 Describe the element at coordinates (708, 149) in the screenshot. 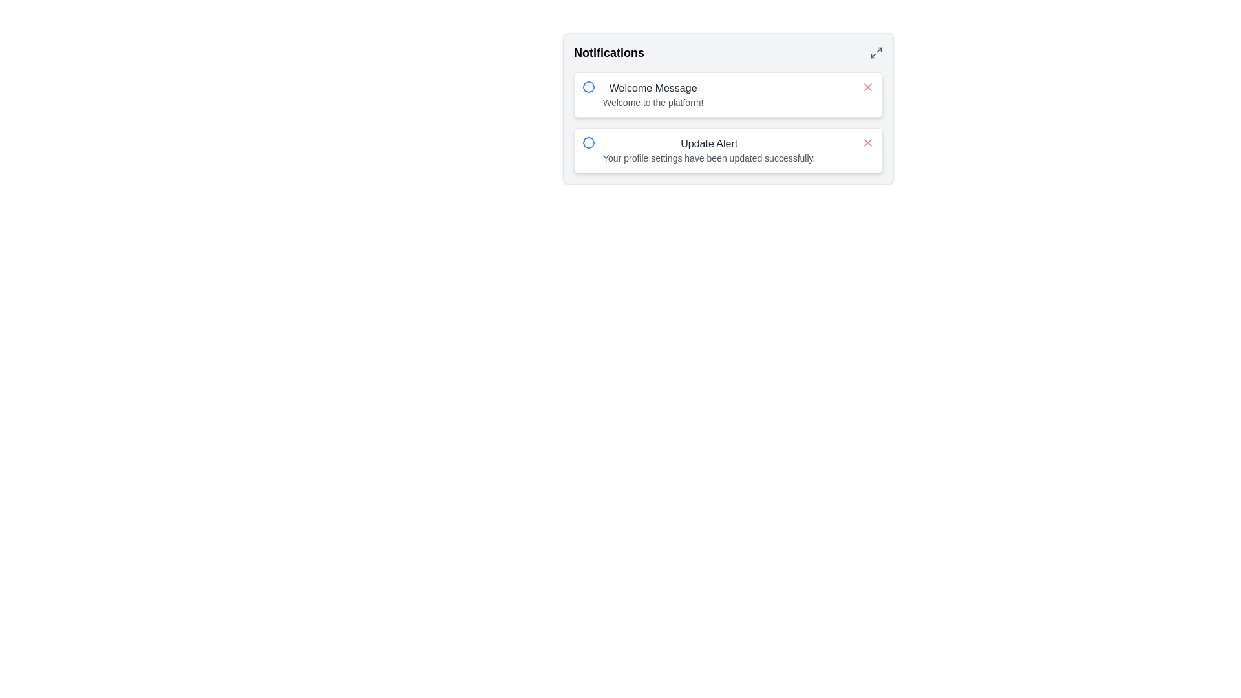

I see `text within the 'Update Alert' Text Block, which includes a bold heading and a lighter message about profile settings being updated` at that location.